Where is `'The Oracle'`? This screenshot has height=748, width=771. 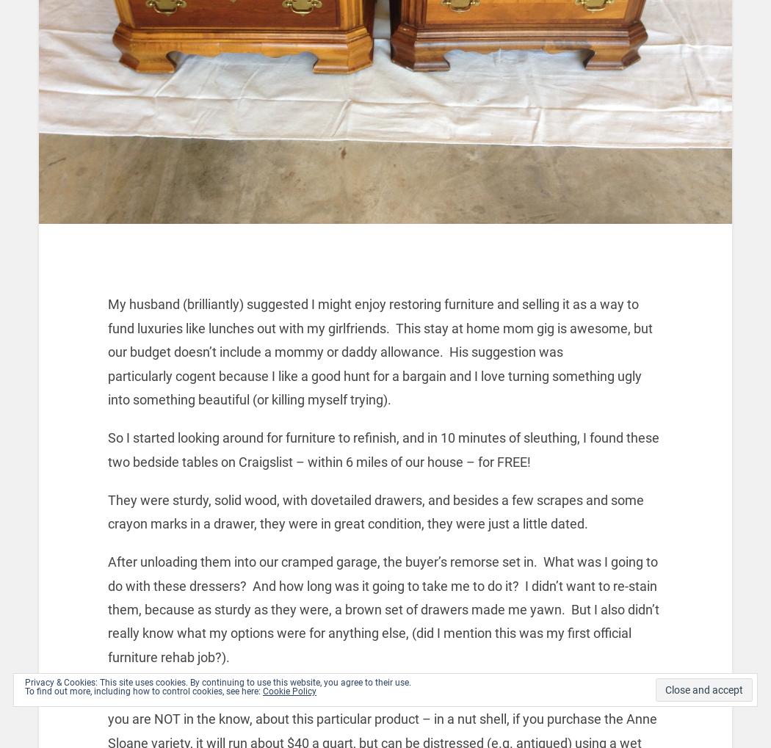
'The Oracle' is located at coordinates (205, 694).